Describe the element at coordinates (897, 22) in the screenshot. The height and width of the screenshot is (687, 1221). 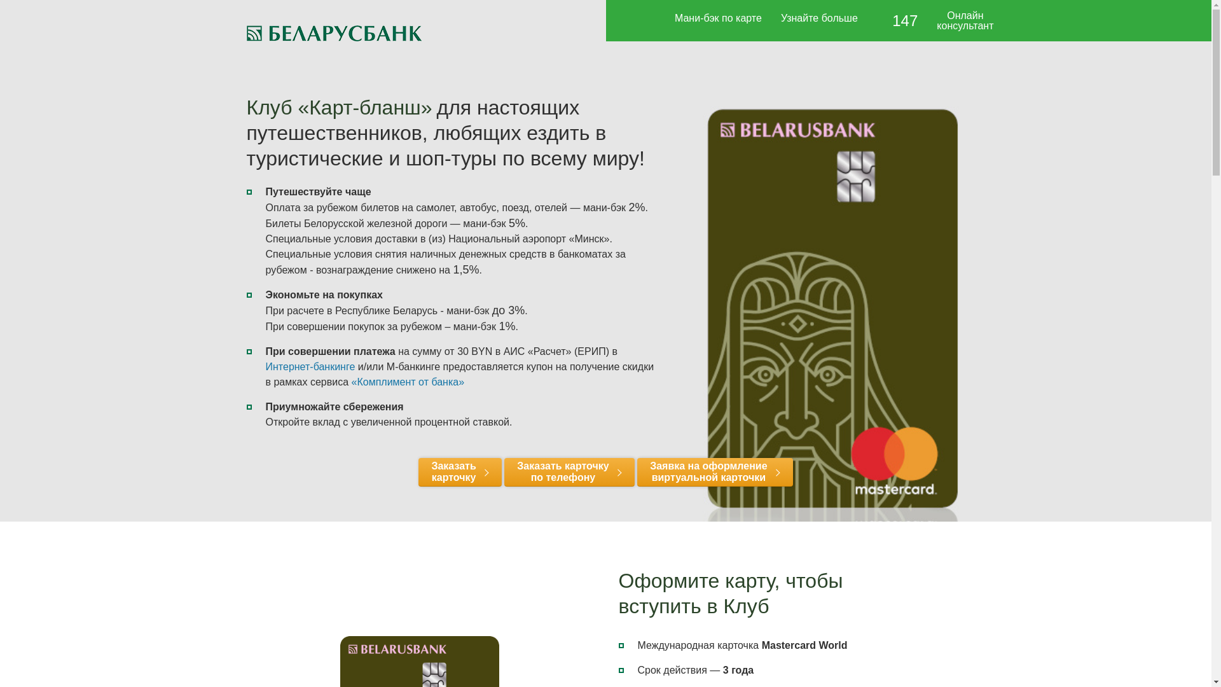
I see `'147'` at that location.